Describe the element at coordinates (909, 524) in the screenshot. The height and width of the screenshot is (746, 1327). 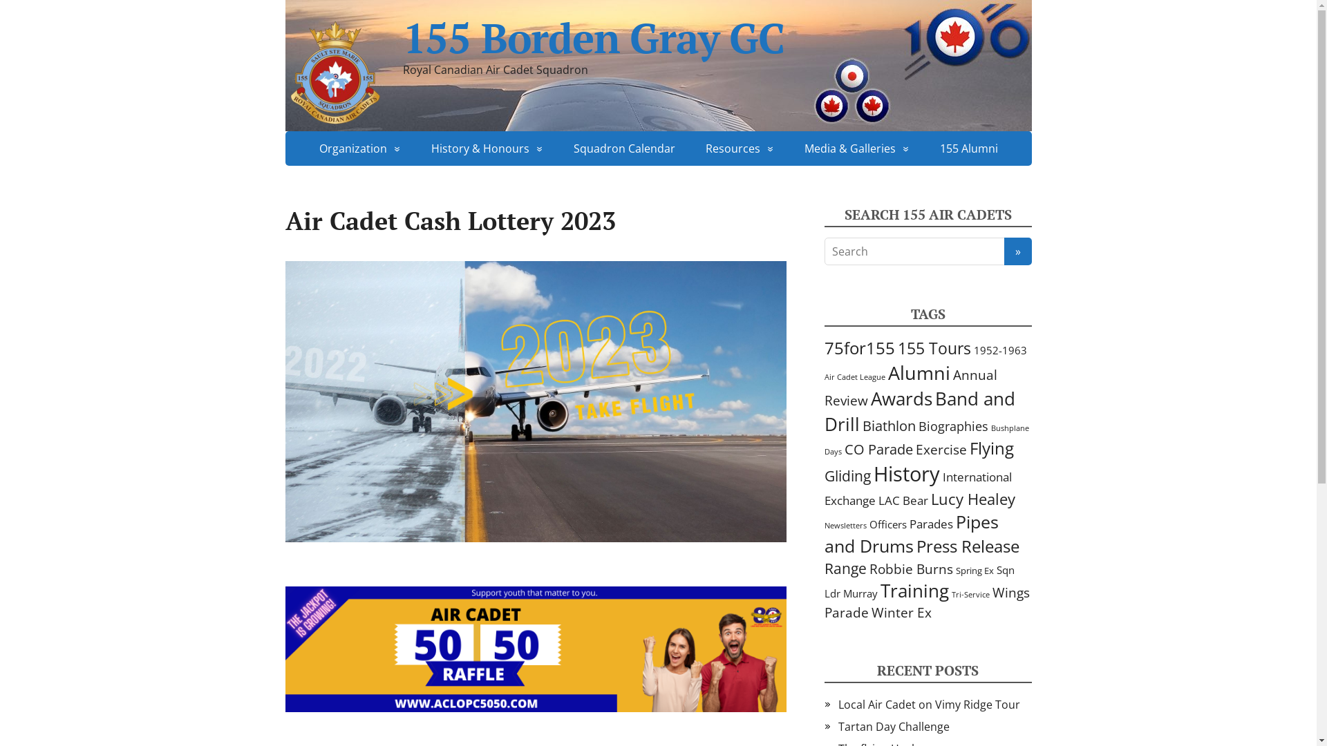
I see `'Parades'` at that location.